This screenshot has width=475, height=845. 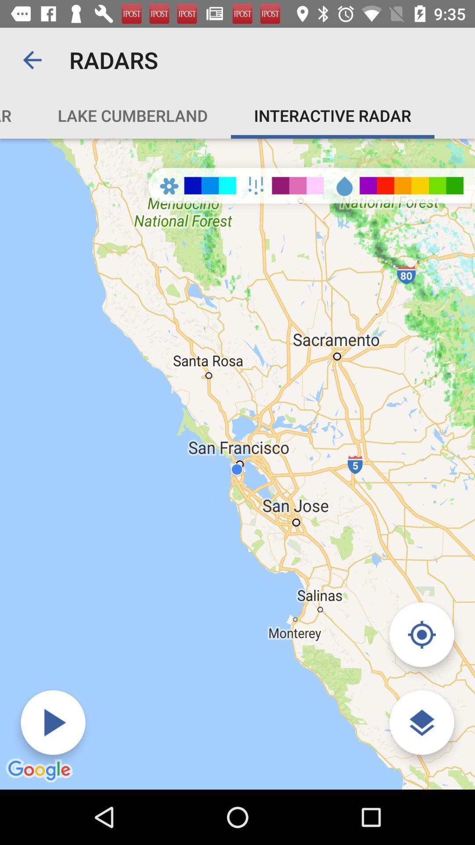 I want to click on icon below lake cumberland icon, so click(x=53, y=722).